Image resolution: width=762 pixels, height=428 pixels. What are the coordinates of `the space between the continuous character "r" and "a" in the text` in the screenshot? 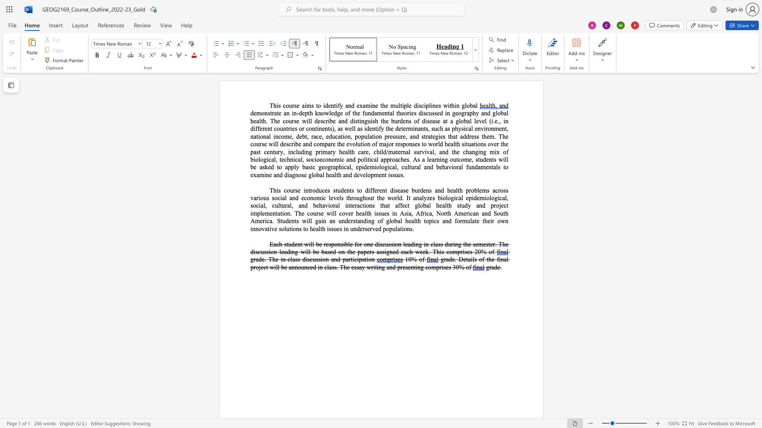 It's located at (333, 166).